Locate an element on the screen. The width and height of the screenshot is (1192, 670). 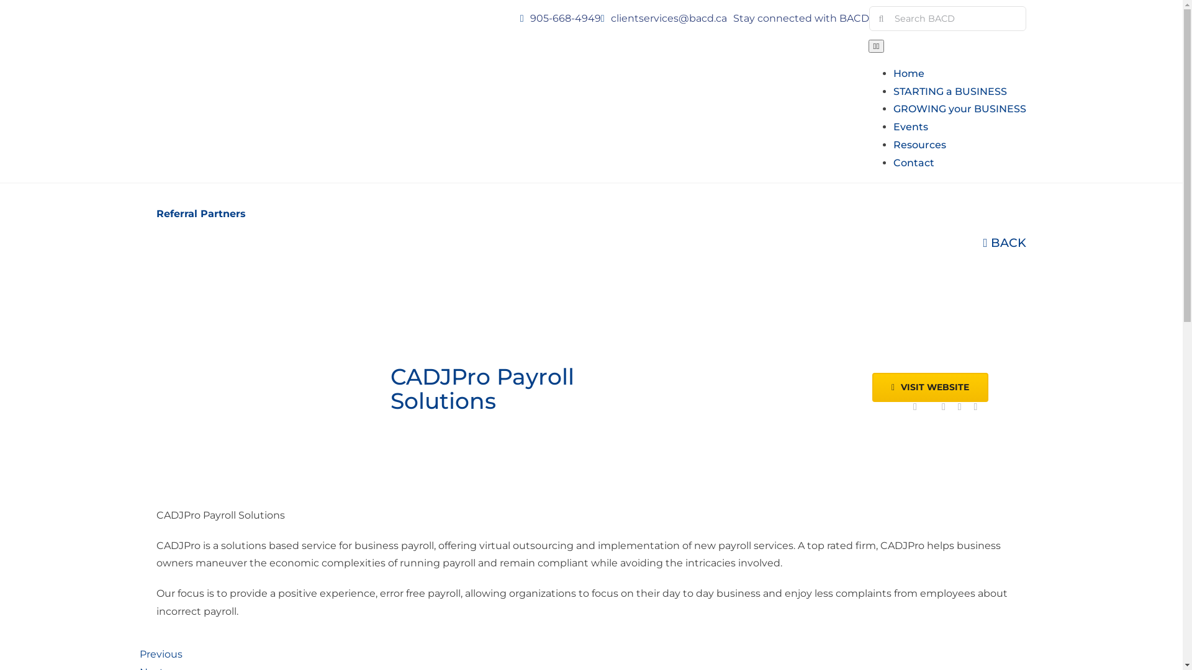
'Resources' is located at coordinates (919, 144).